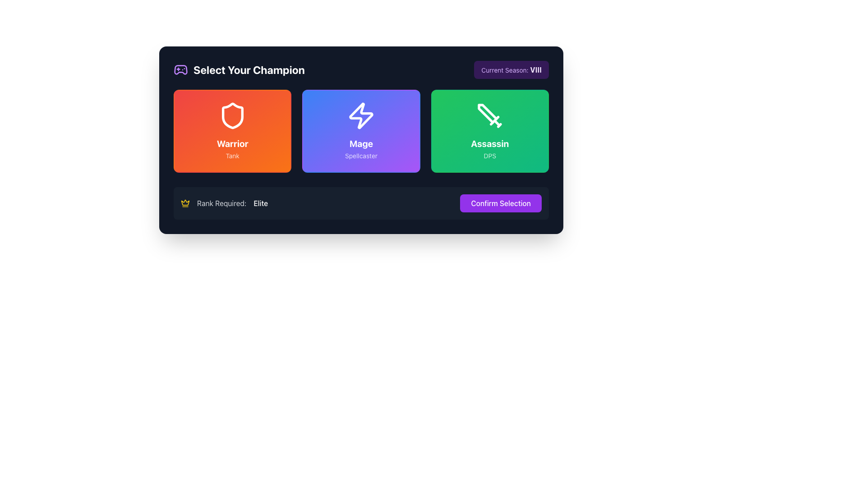  I want to click on the A line segment within the SVG graphic that represents part of the sword icon, located in the 'Assassin DPS' card, which is the rightmost card in the row of three cards, so click(494, 120).